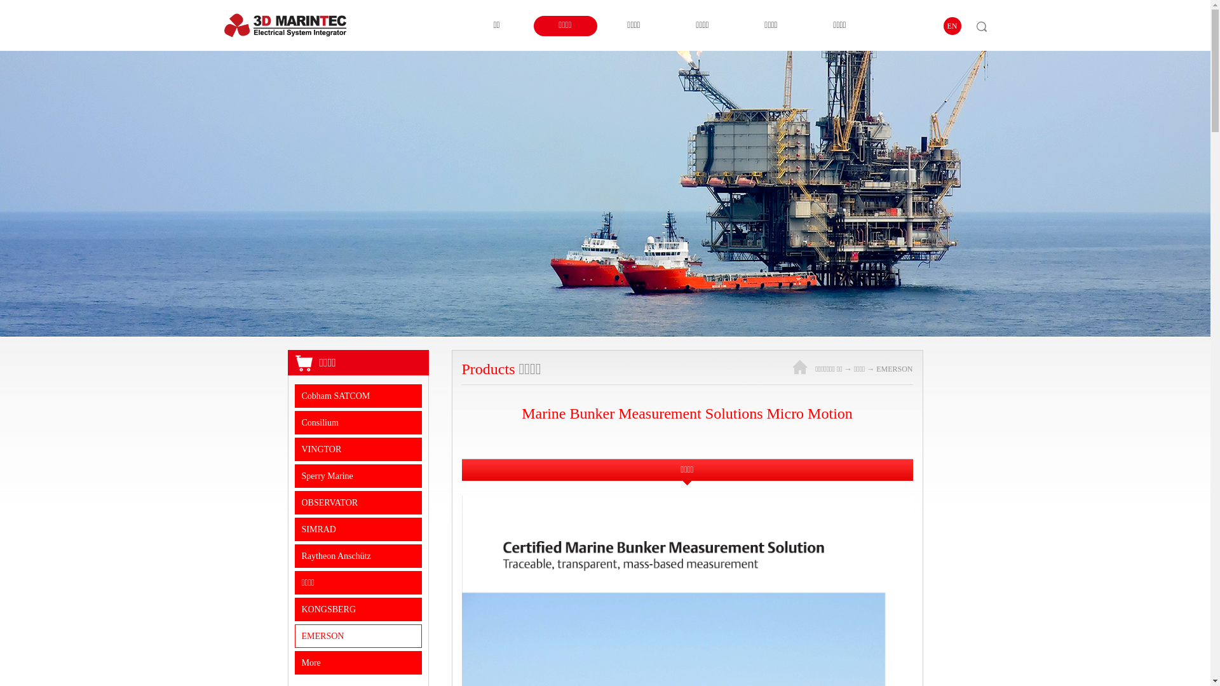 The width and height of the screenshot is (1220, 686). I want to click on 'VINGTOR', so click(358, 448).